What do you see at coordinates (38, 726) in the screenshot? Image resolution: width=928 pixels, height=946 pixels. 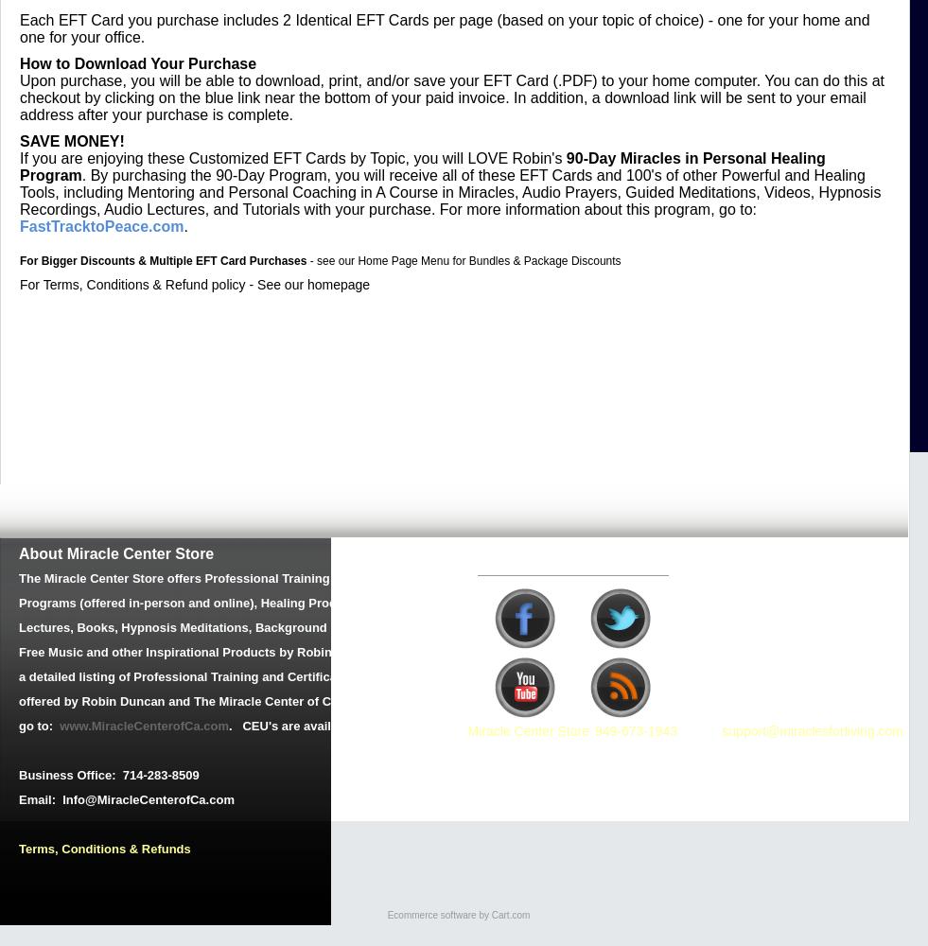 I see `'go to:'` at bounding box center [38, 726].